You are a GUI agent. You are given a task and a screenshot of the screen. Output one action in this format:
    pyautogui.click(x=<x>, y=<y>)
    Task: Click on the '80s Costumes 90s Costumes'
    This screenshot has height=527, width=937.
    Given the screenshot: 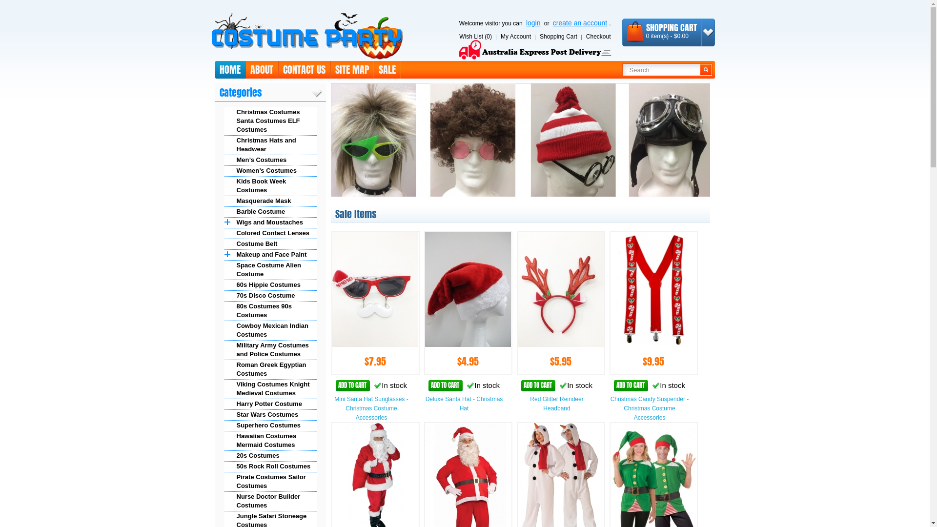 What is the action you would take?
    pyautogui.click(x=270, y=310)
    